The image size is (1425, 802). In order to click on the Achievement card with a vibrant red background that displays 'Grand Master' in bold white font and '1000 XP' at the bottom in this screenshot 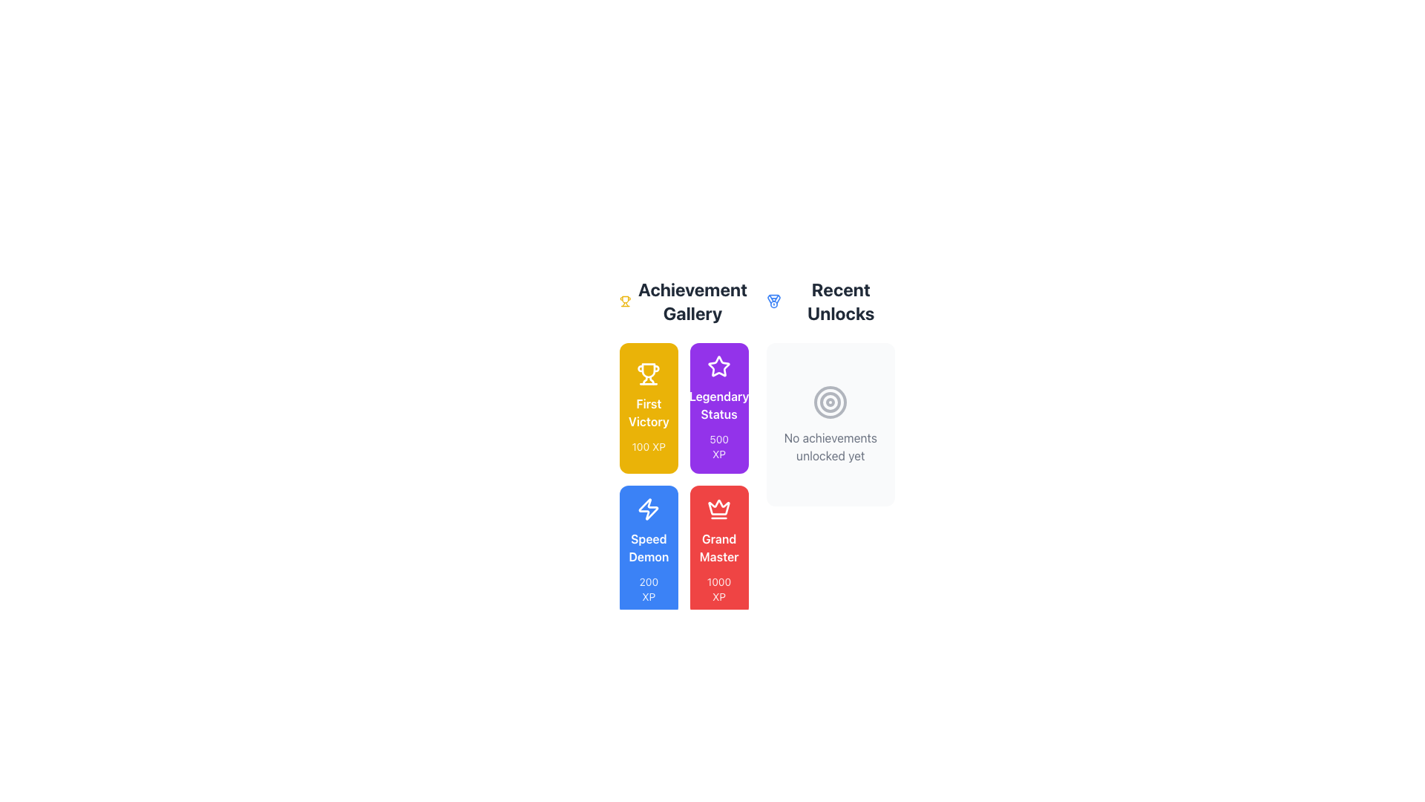, I will do `click(719, 550)`.